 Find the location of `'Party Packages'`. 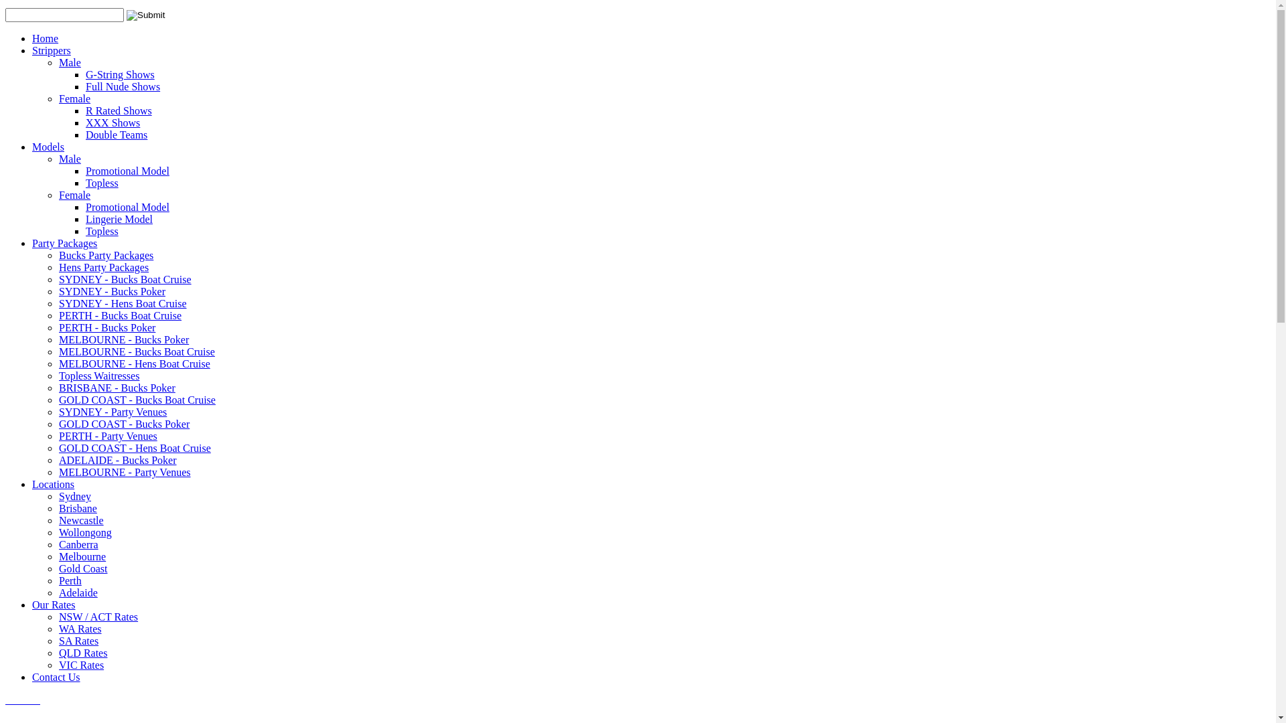

'Party Packages' is located at coordinates (32, 243).